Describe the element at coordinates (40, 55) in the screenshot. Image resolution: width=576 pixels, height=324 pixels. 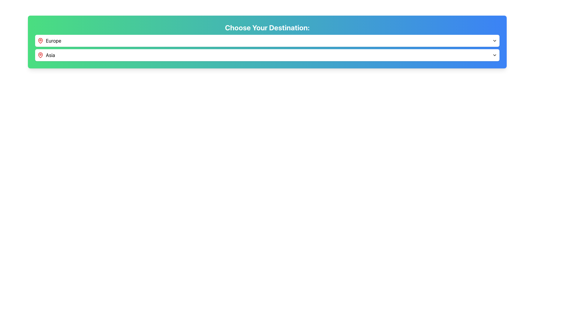
I see `the red pin icon representing a location marker, which is located to the left of the 'Asia' label in the dropdown menu` at that location.